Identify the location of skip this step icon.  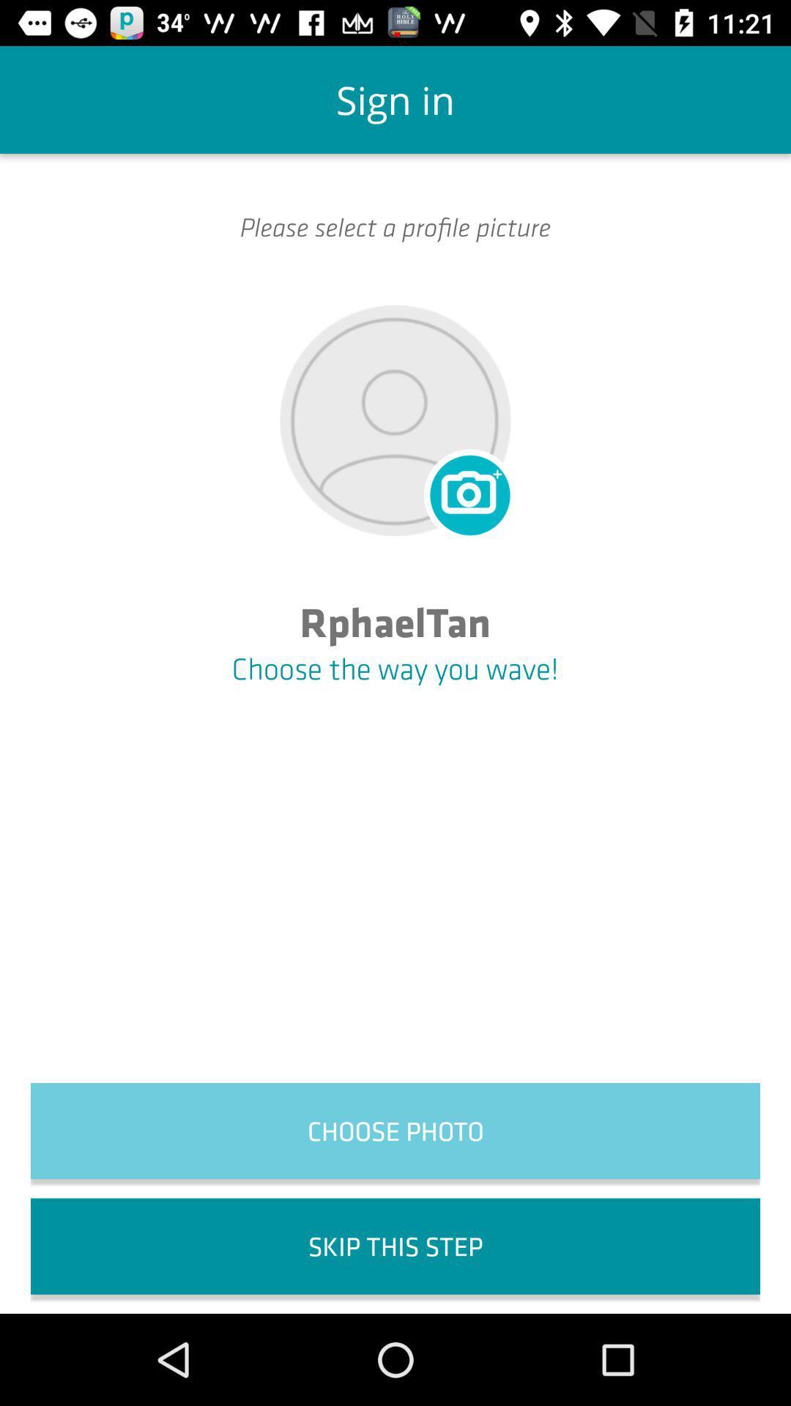
(395, 1246).